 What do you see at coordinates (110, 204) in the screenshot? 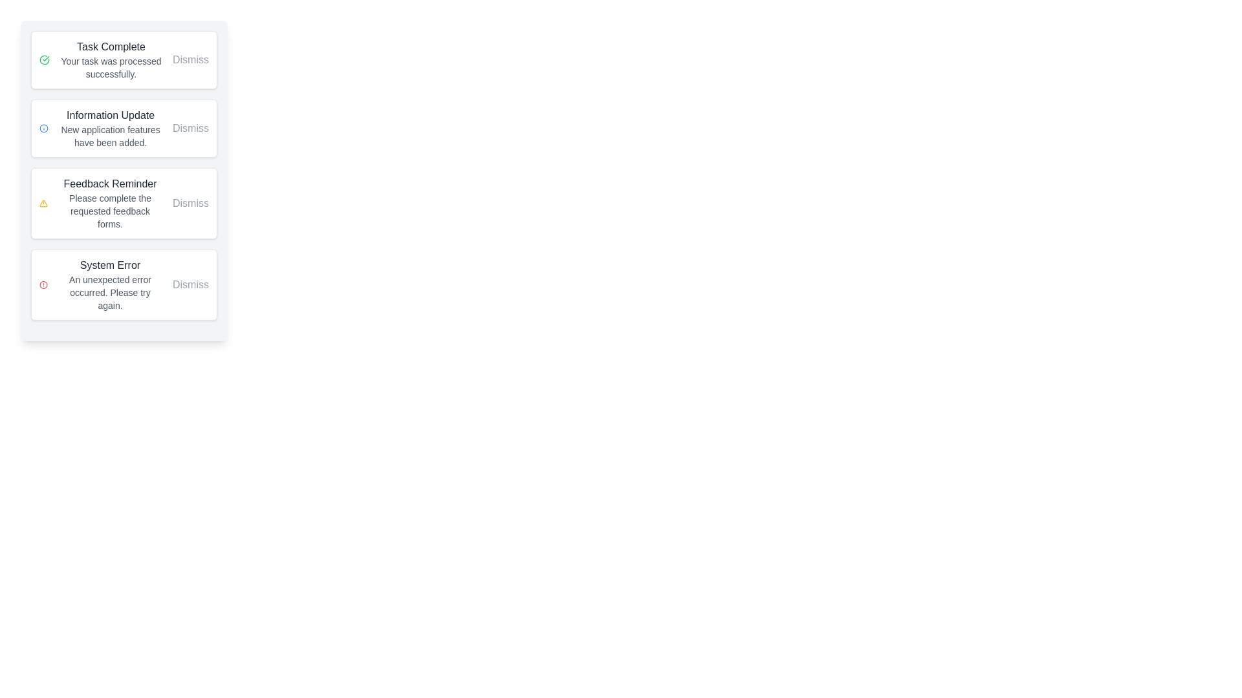
I see `the Text Label that serves as a notification for completing requested feedback forms, located in the third row of the notification list, positioned between a yellow warning icon and a 'Dismiss' button` at bounding box center [110, 204].